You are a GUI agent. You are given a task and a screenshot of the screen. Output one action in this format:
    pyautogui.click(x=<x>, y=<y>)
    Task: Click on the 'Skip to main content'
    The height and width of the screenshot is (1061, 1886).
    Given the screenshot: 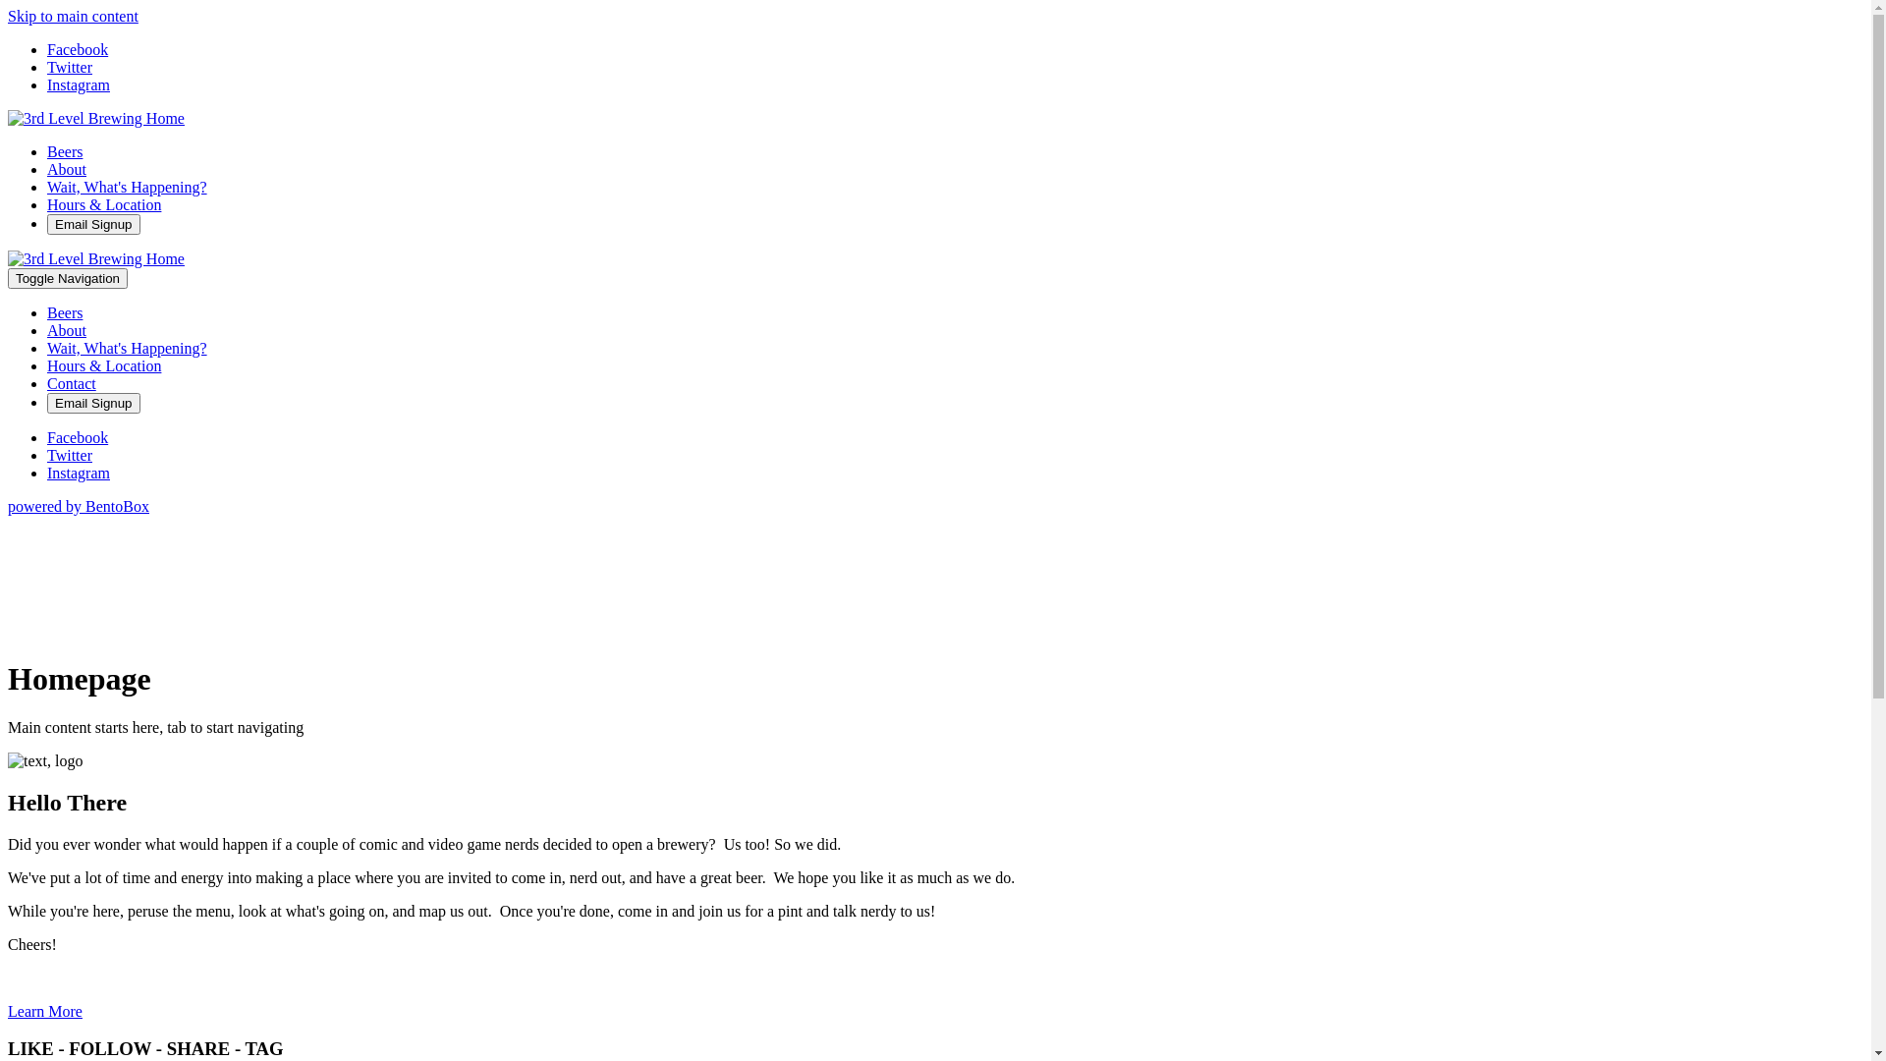 What is the action you would take?
    pyautogui.click(x=73, y=16)
    